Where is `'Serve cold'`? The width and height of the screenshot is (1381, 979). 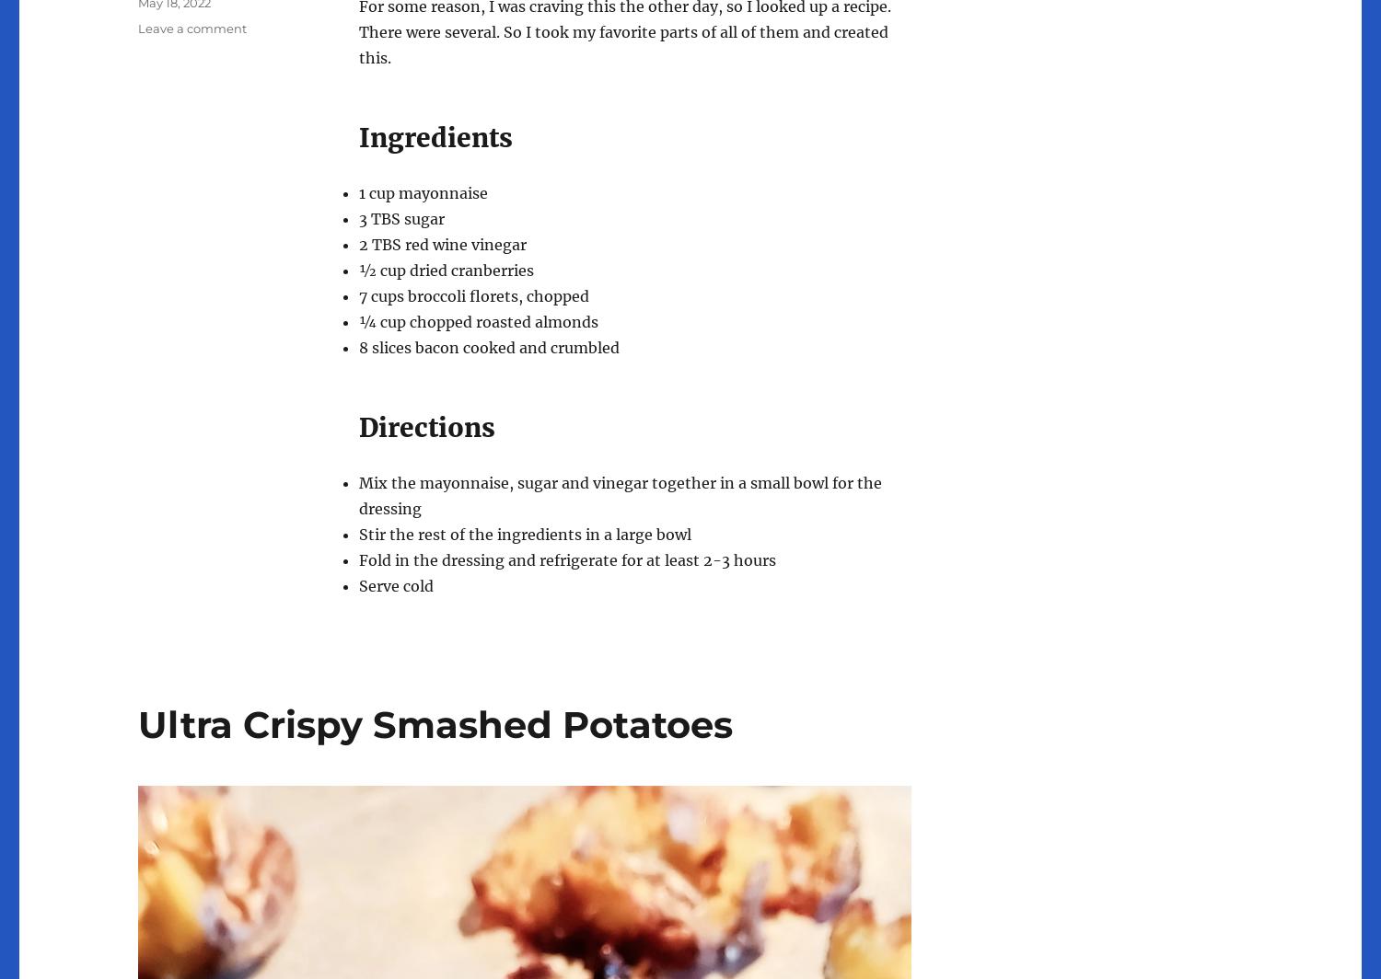 'Serve cold' is located at coordinates (396, 584).